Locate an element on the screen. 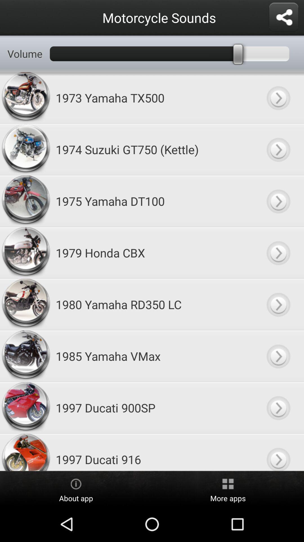 The image size is (304, 542). sound is located at coordinates (278, 149).